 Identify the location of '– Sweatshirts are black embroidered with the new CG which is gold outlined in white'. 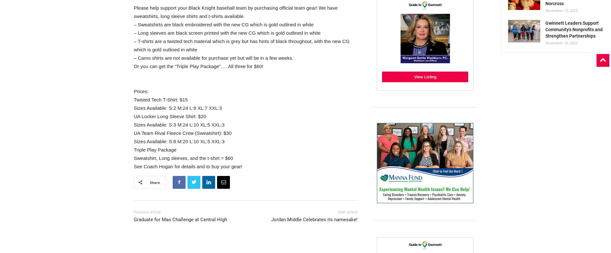
(223, 24).